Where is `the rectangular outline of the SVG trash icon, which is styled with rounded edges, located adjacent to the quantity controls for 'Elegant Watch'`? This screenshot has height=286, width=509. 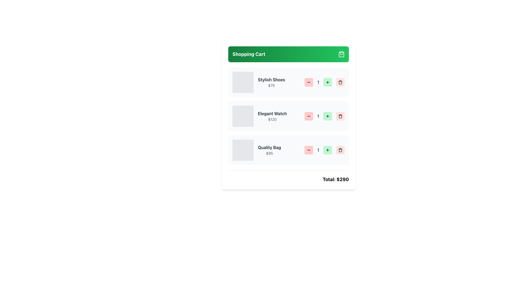 the rectangular outline of the SVG trash icon, which is styled with rounded edges, located adjacent to the quantity controls for 'Elegant Watch' is located at coordinates (340, 116).